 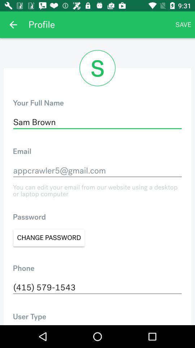 What do you see at coordinates (49, 237) in the screenshot?
I see `the icon below the password icon` at bounding box center [49, 237].